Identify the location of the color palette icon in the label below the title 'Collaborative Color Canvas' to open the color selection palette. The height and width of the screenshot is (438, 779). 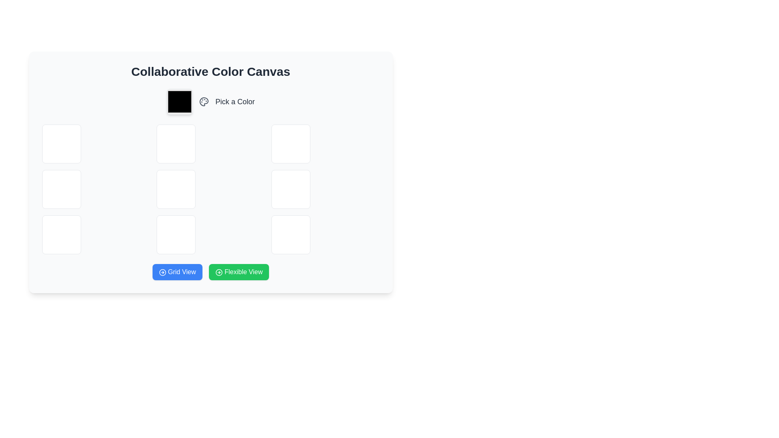
(211, 101).